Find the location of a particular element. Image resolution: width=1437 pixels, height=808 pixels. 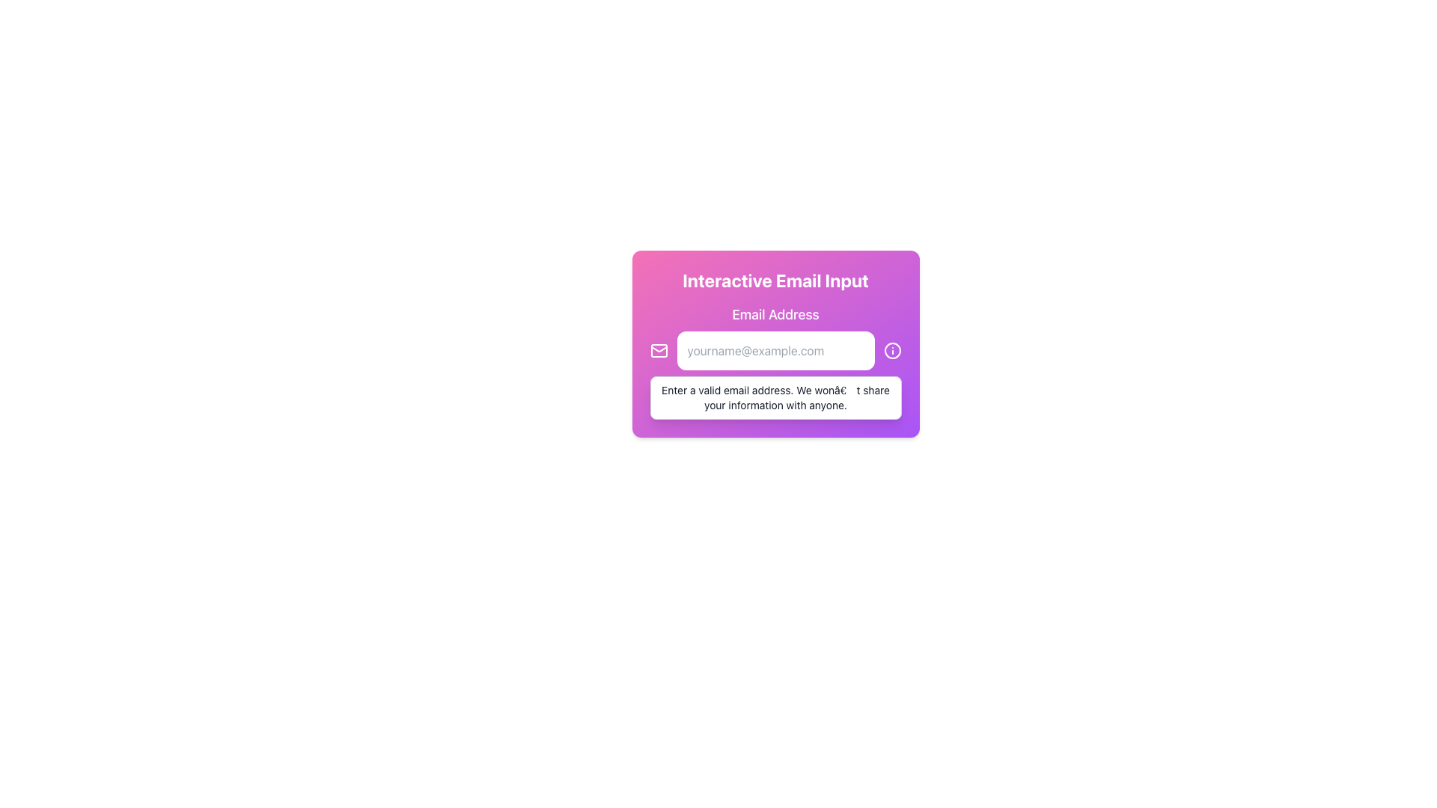

the stylized envelope icon component located on the left side of the email input field to interact with it is located at coordinates (659, 351).